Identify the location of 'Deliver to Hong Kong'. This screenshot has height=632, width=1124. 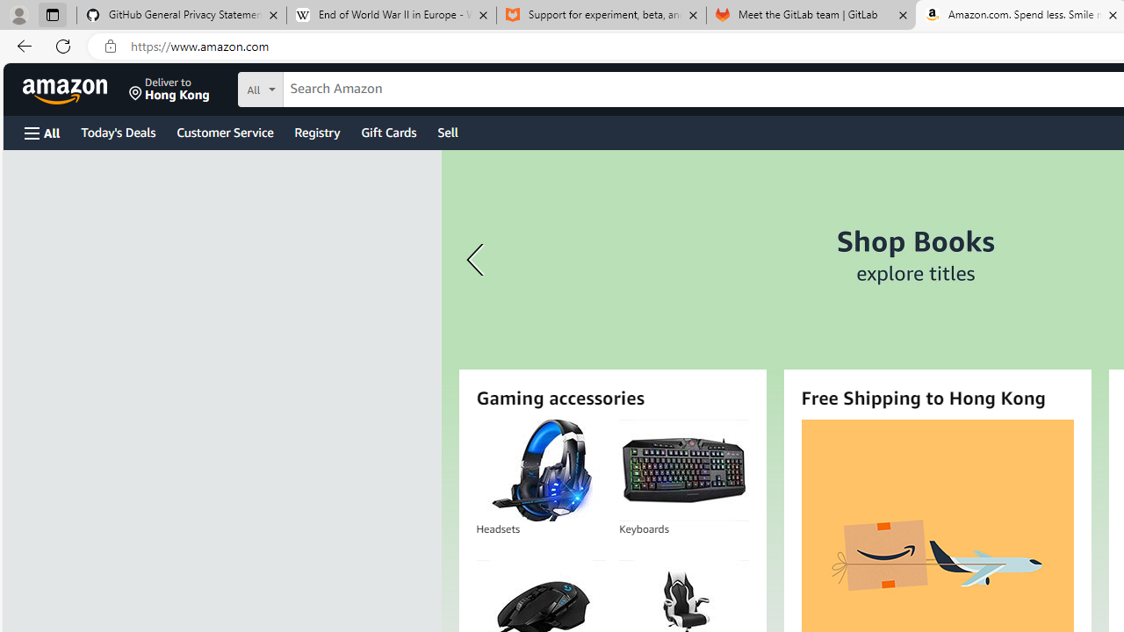
(169, 89).